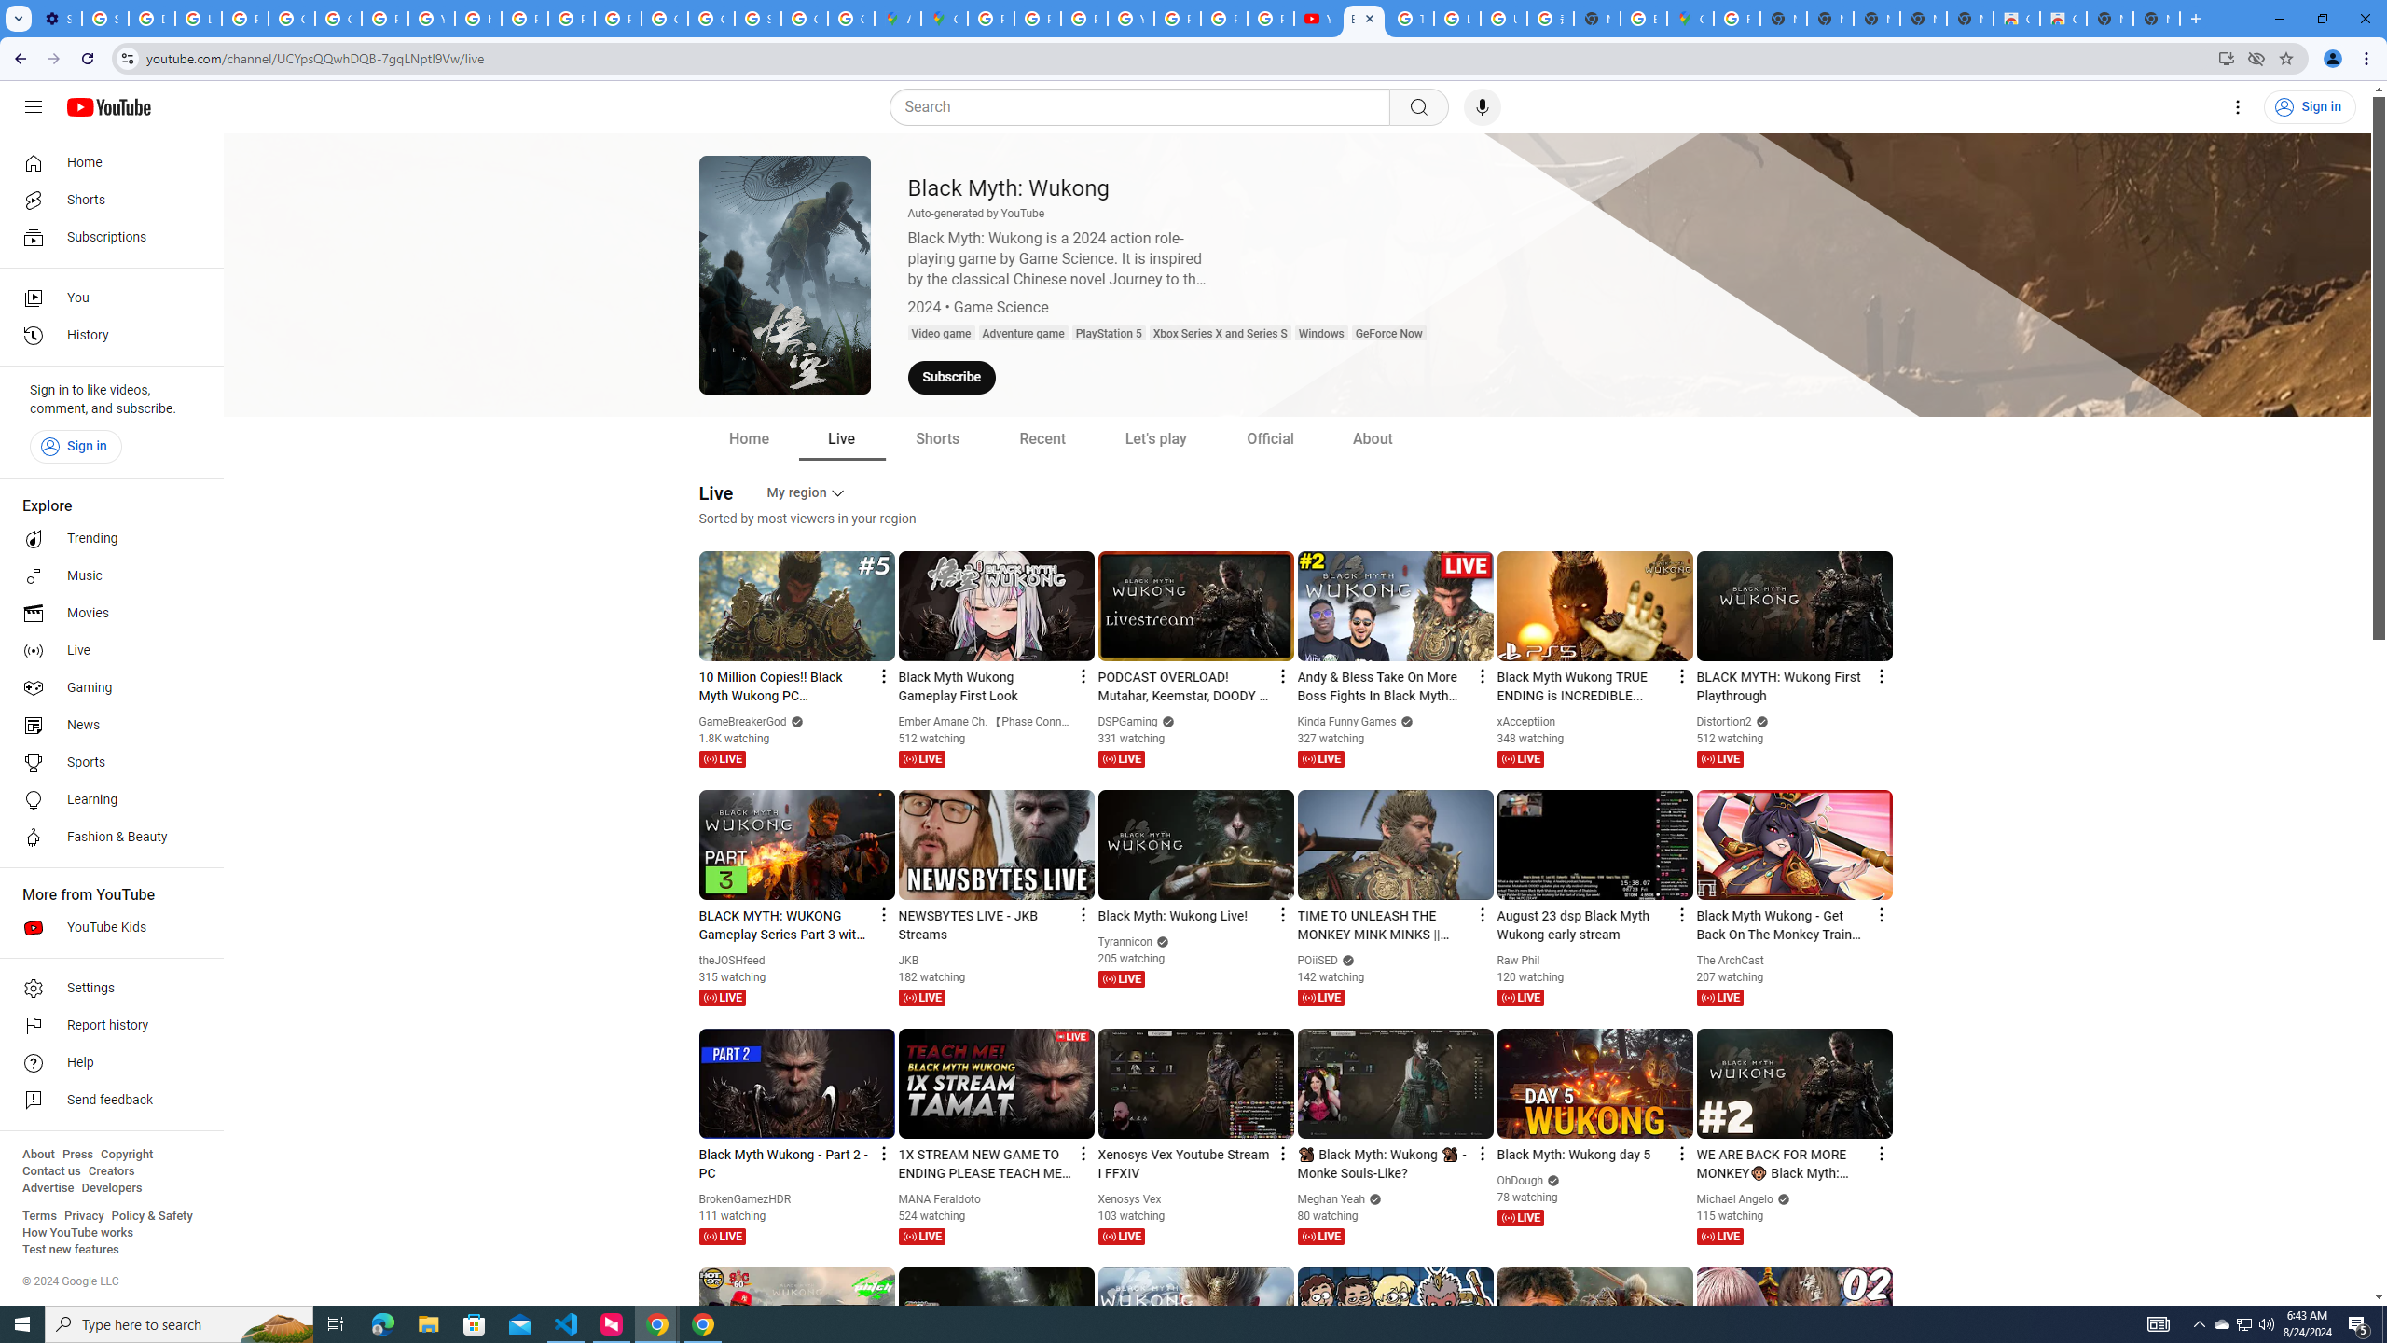 This screenshot has height=1343, width=2387. I want to click on 'Search with your voice', so click(1482, 106).